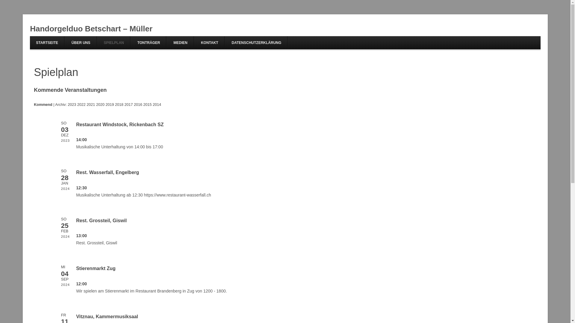 The height and width of the screenshot is (323, 575). What do you see at coordinates (77, 104) in the screenshot?
I see `'2022'` at bounding box center [77, 104].